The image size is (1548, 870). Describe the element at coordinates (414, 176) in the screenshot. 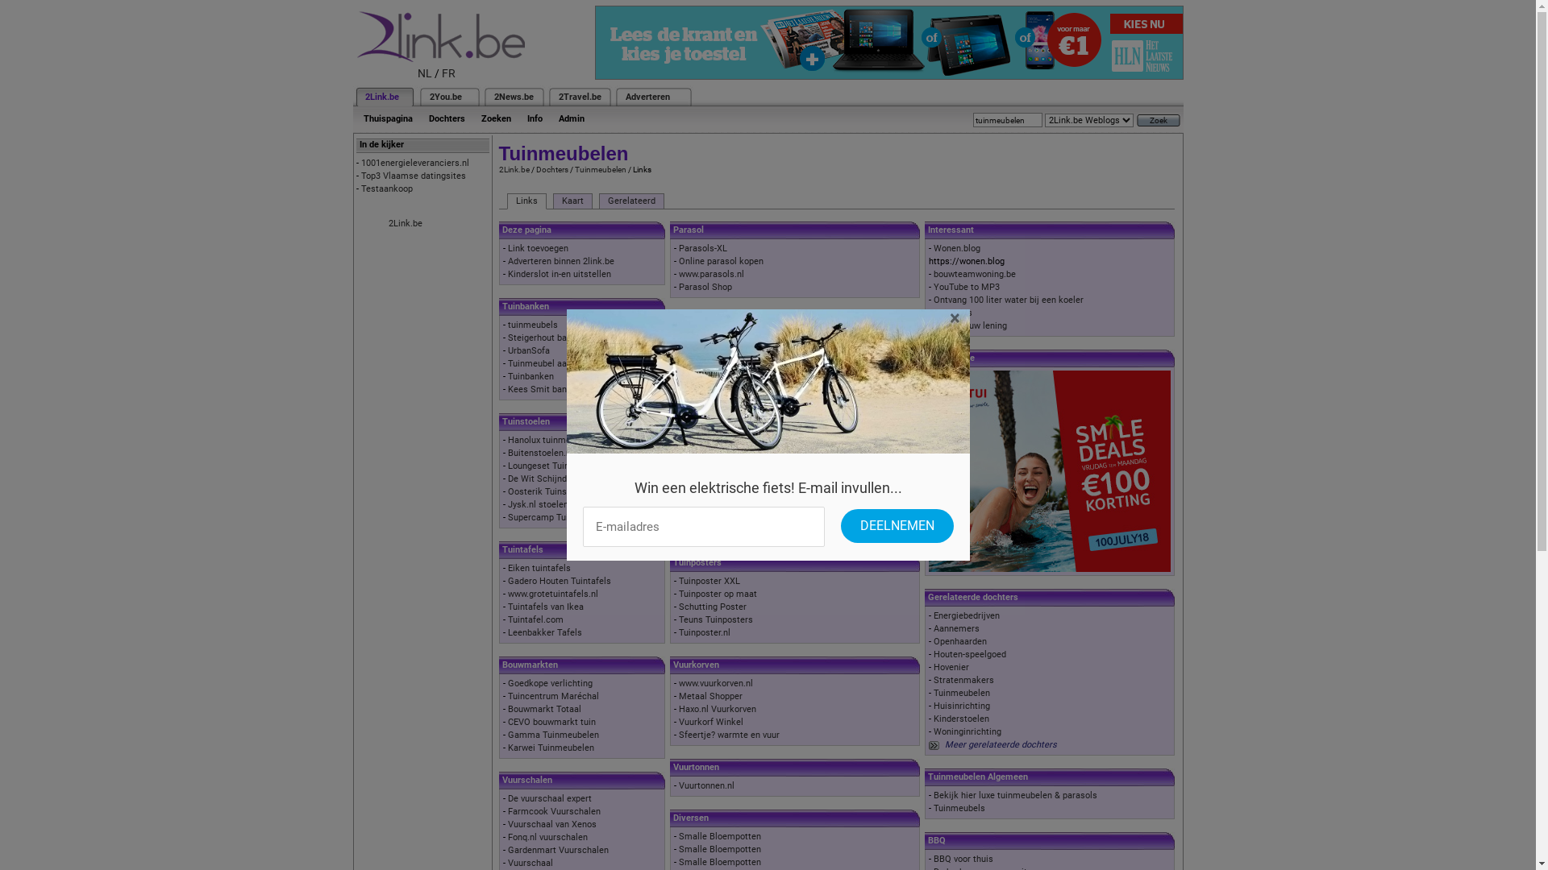

I see `'Top3 Vlaamse datingsites'` at that location.